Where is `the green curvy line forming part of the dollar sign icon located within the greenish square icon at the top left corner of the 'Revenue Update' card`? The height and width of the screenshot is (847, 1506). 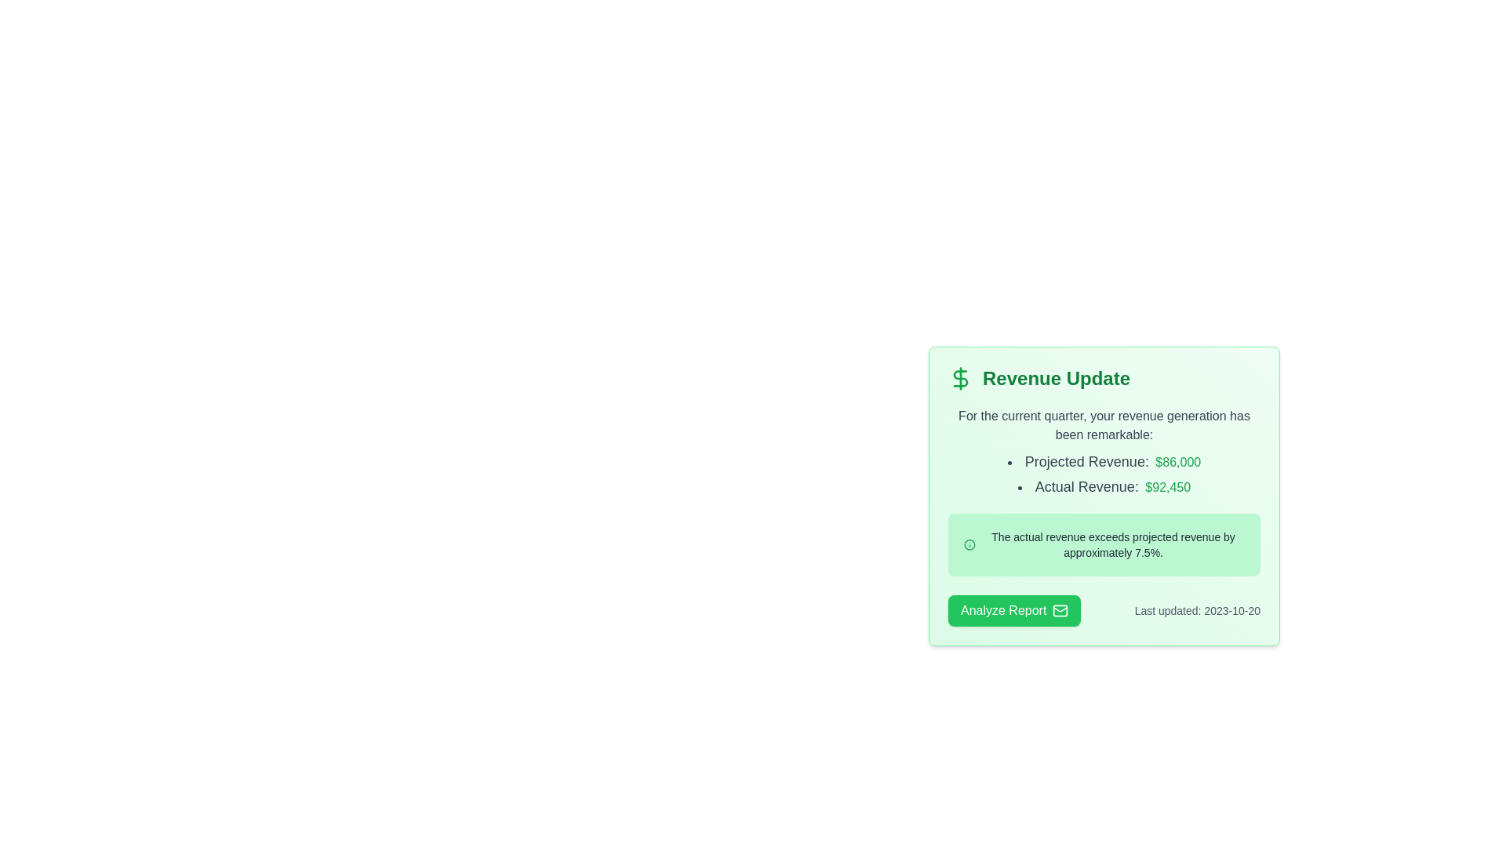
the green curvy line forming part of the dollar sign icon located within the greenish square icon at the top left corner of the 'Revenue Update' card is located at coordinates (959, 378).